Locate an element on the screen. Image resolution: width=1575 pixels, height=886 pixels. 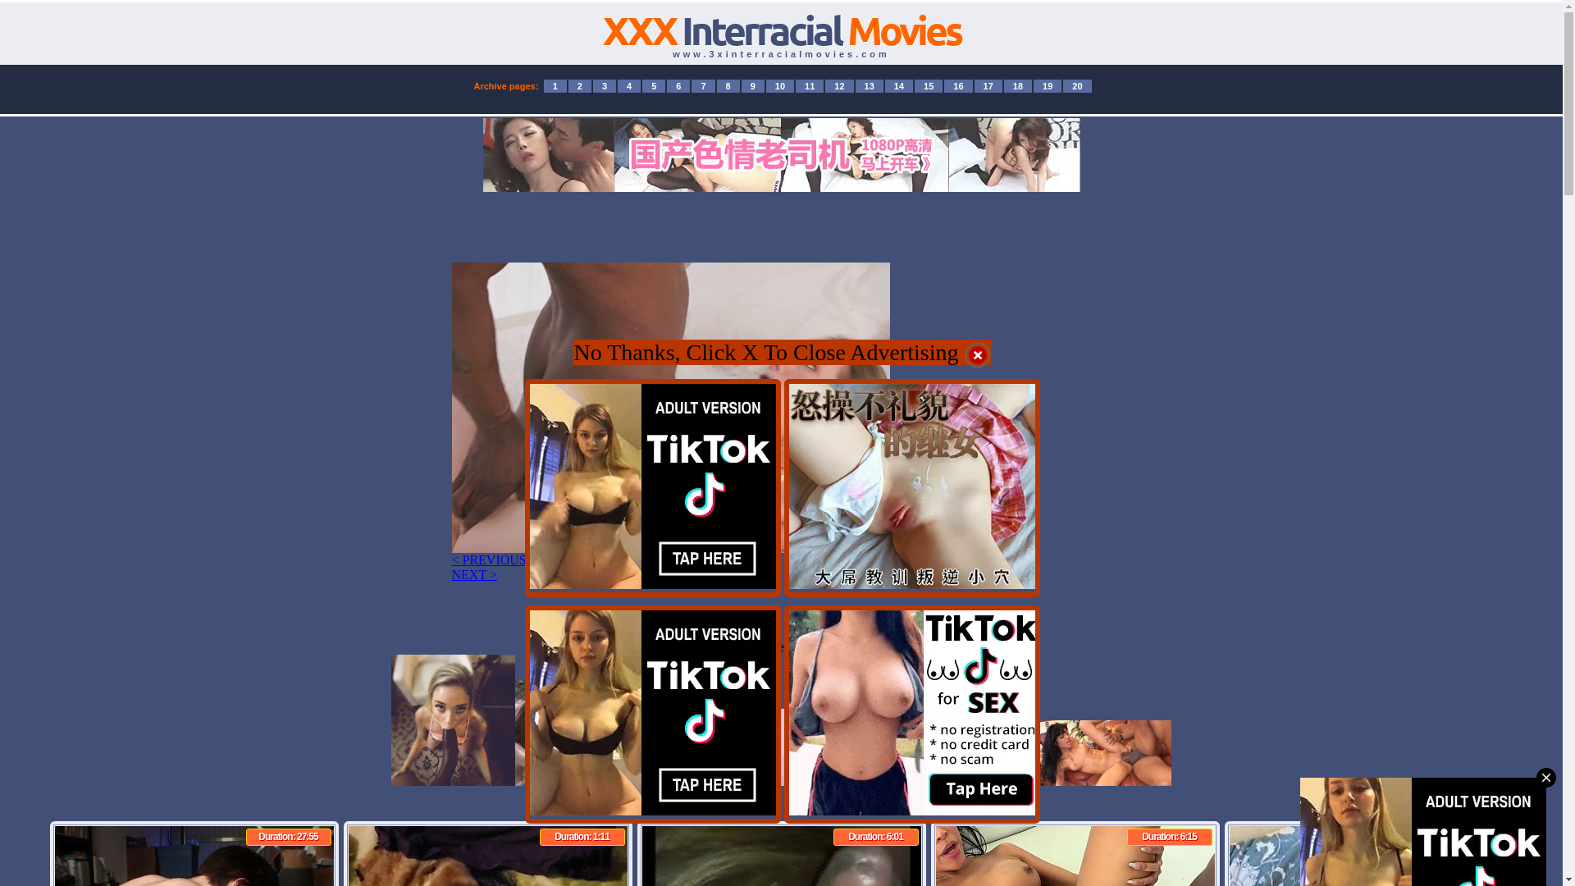
'17' is located at coordinates (987, 85).